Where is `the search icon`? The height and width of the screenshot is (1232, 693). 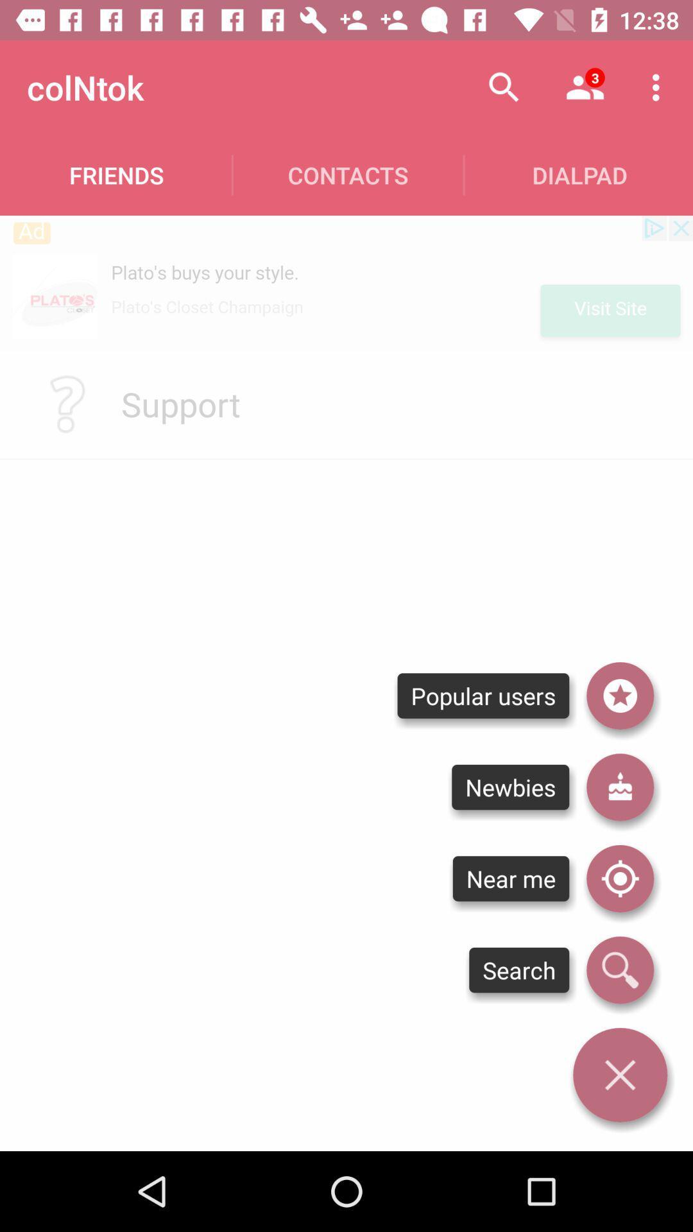
the search icon is located at coordinates (619, 970).